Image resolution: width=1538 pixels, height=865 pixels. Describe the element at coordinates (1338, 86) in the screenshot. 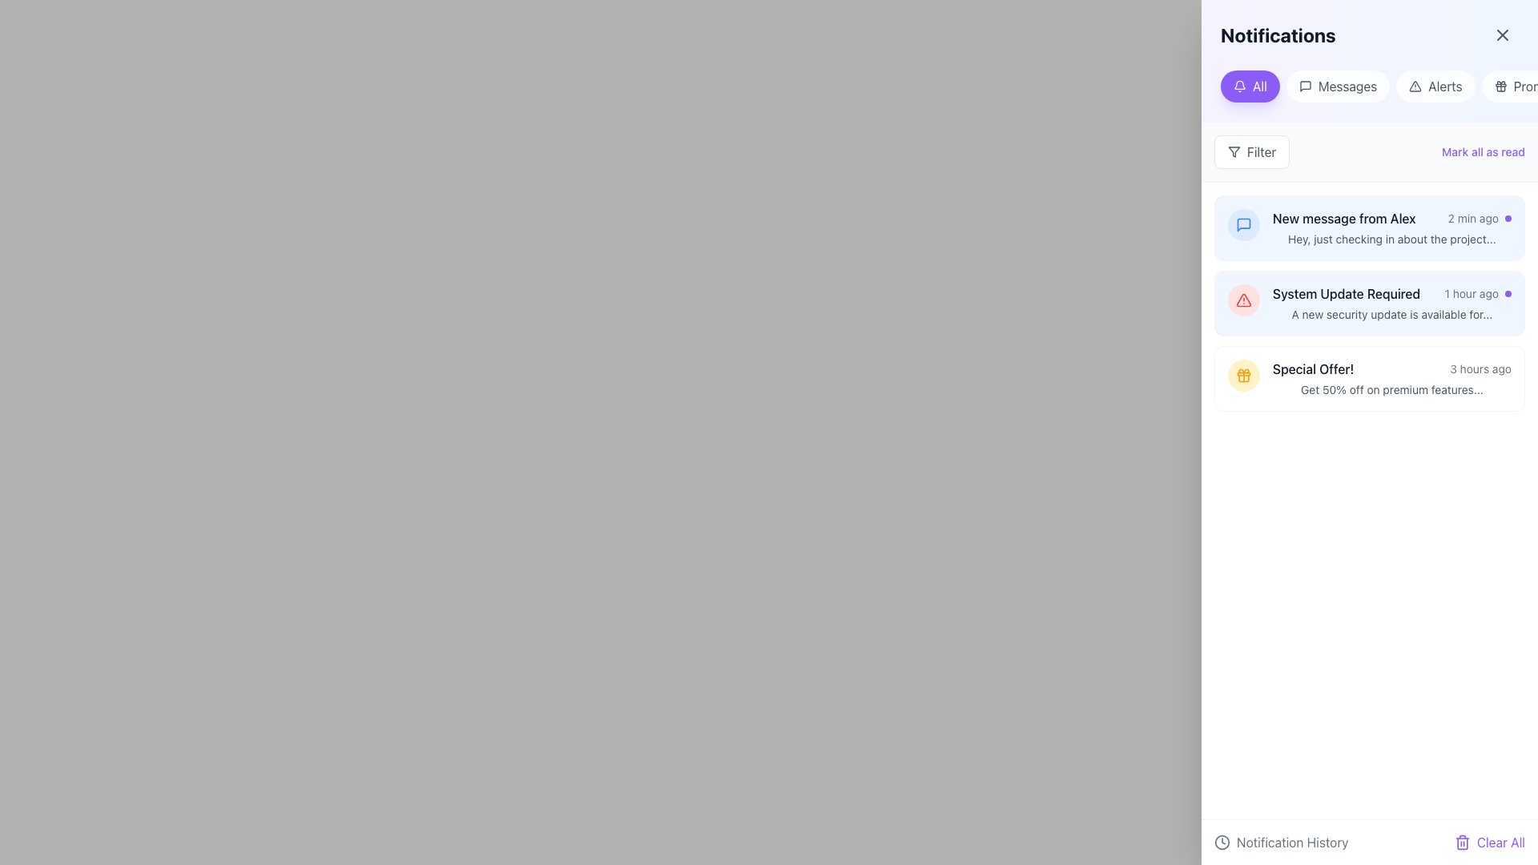

I see `the 'Messages' button, which is the second button in a horizontal row, located near the top right of the interface` at that location.